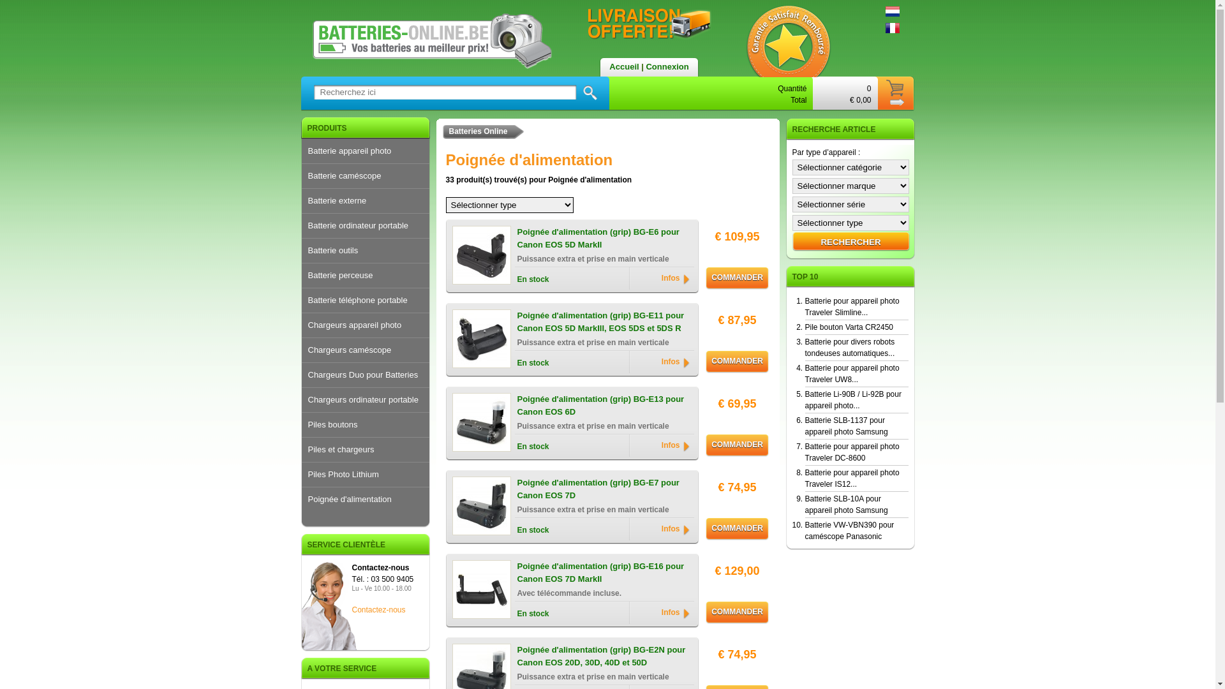 This screenshot has width=1225, height=689. What do you see at coordinates (849, 327) in the screenshot?
I see `'Pile bouton Varta CR2450'` at bounding box center [849, 327].